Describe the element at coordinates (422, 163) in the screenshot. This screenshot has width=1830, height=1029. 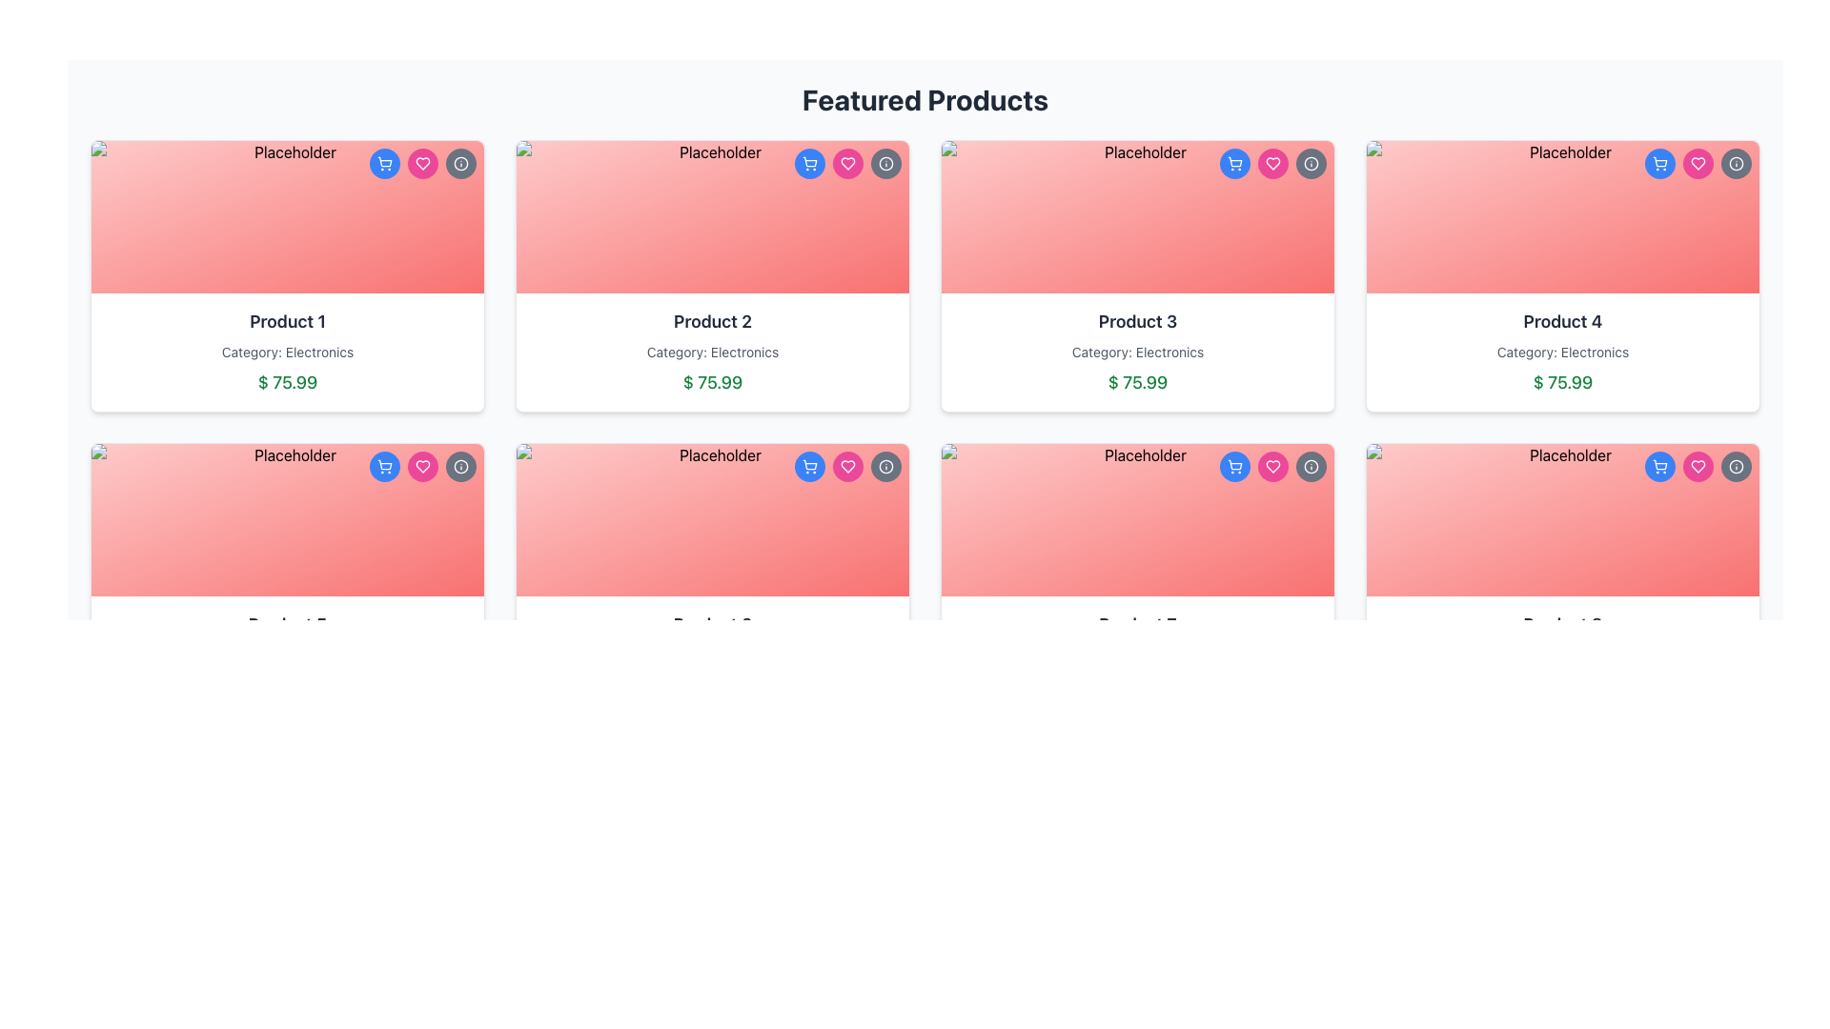
I see `the pink heart-shaped icon in the top-right corner of the first product card` at that location.